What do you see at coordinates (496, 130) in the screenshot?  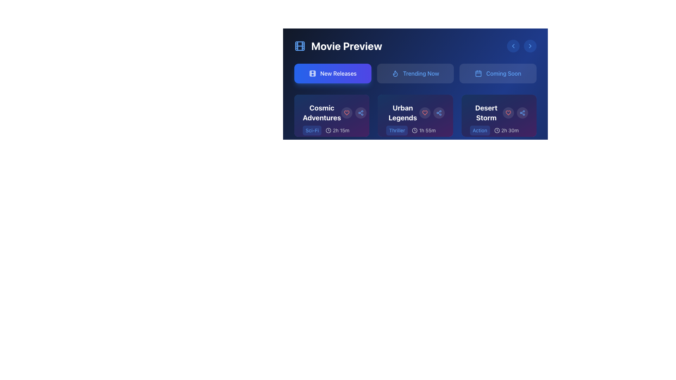 I see `the clock icon representing the duration of the movie 'Desert Storm', which is positioned to the left of the time text '2h 30m'` at bounding box center [496, 130].